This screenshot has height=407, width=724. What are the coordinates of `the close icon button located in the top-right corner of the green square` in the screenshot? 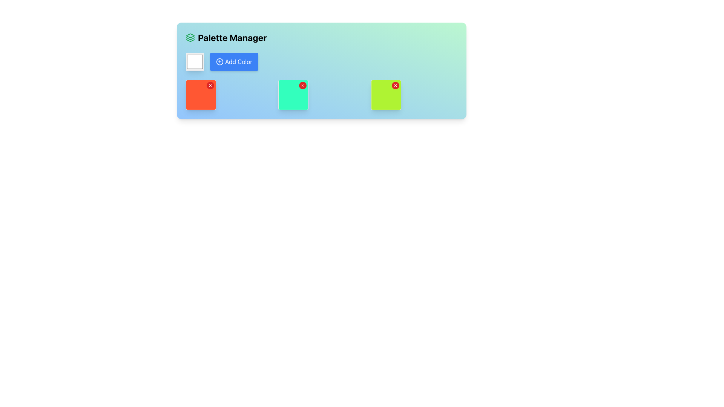 It's located at (210, 85).